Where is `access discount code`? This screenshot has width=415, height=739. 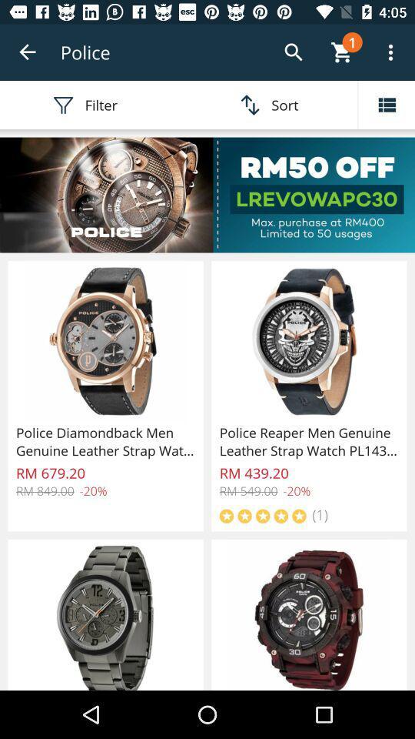
access discount code is located at coordinates (207, 194).